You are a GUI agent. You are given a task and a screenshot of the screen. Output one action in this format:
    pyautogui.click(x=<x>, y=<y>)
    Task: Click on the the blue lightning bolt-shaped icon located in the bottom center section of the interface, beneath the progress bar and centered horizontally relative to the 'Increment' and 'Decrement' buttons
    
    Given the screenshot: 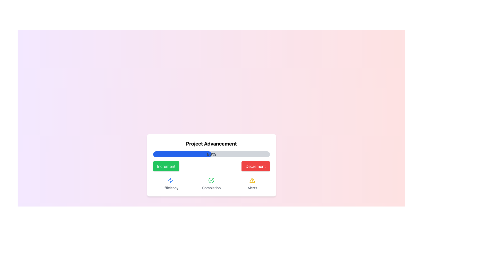 What is the action you would take?
    pyautogui.click(x=170, y=180)
    